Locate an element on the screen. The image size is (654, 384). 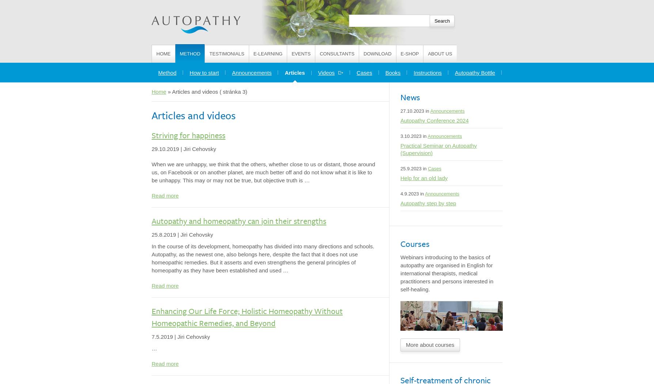
'25.9.2023 in' is located at coordinates (400, 168).